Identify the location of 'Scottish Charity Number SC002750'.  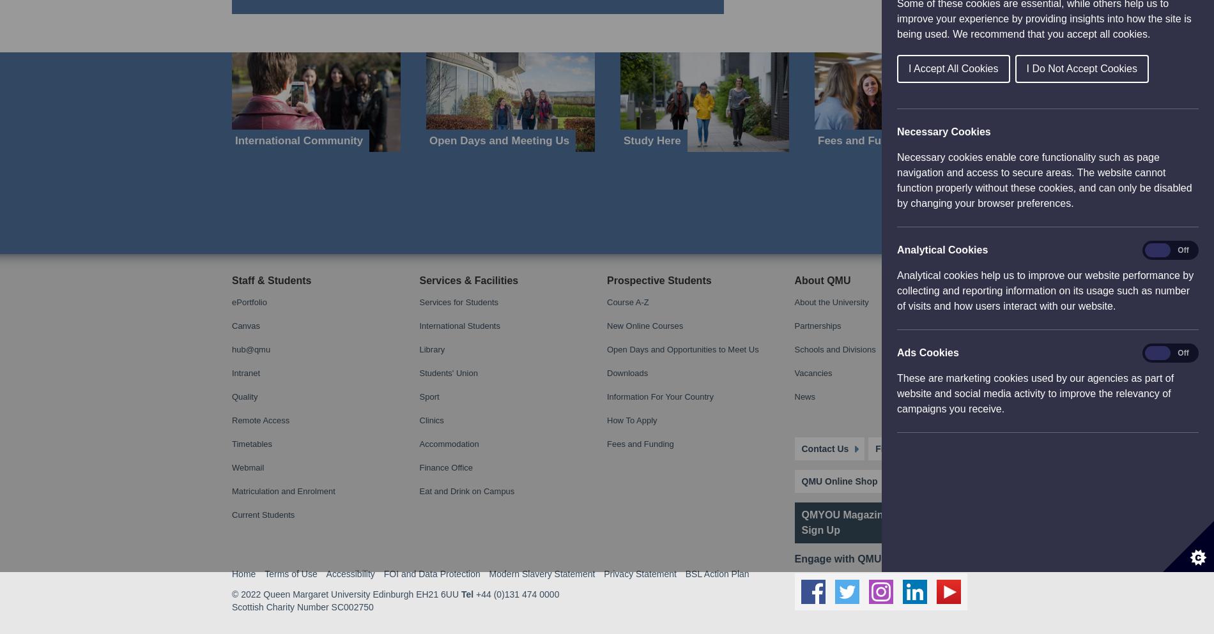
(302, 38).